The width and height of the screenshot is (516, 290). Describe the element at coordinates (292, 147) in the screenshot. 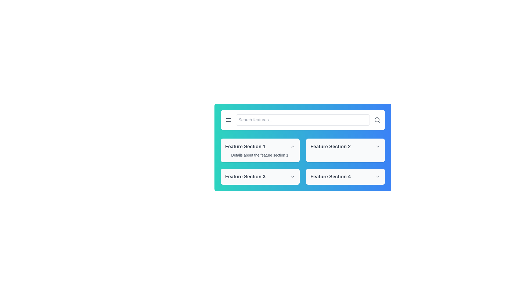

I see `the Chevron Up icon located to the right of 'Feature Section 1'` at that location.